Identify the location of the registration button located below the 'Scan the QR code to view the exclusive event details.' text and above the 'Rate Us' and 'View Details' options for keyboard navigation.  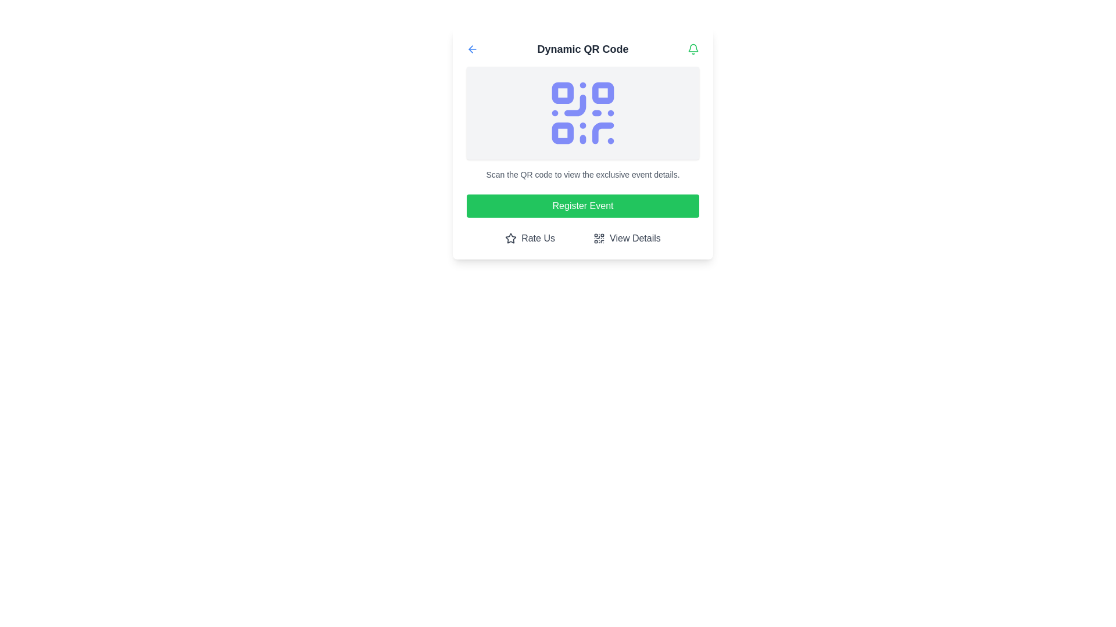
(583, 205).